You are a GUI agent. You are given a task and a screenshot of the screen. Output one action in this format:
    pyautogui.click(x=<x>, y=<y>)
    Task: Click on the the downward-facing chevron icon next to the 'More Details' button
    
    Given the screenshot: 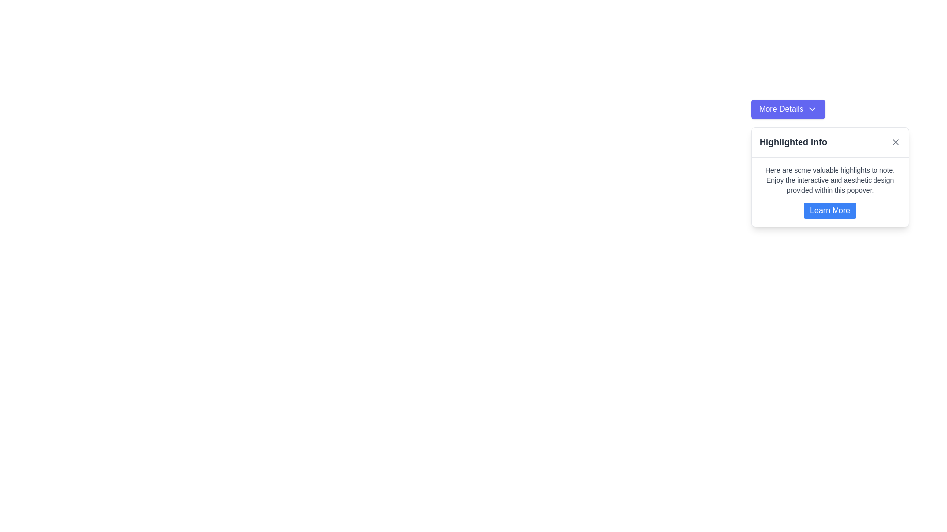 What is the action you would take?
    pyautogui.click(x=812, y=109)
    